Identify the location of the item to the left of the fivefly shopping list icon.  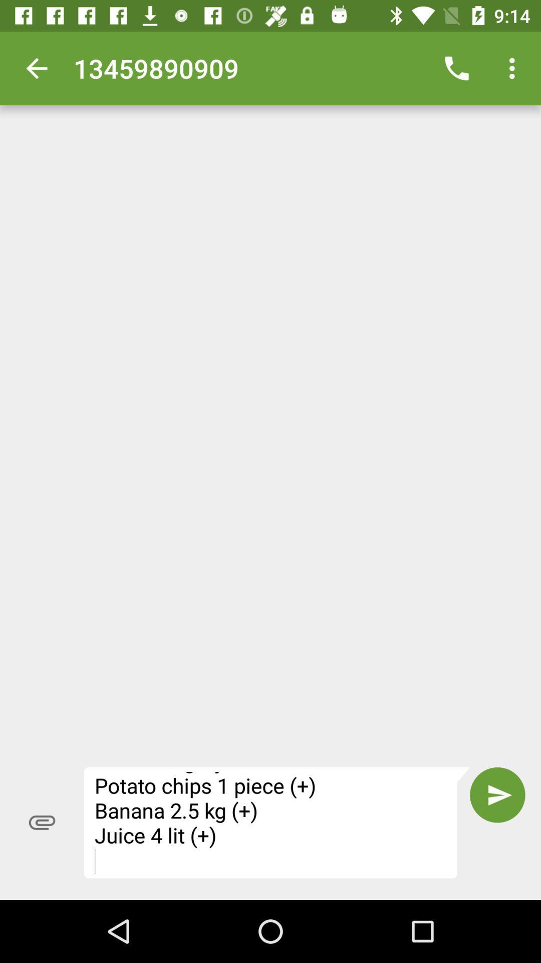
(42, 823).